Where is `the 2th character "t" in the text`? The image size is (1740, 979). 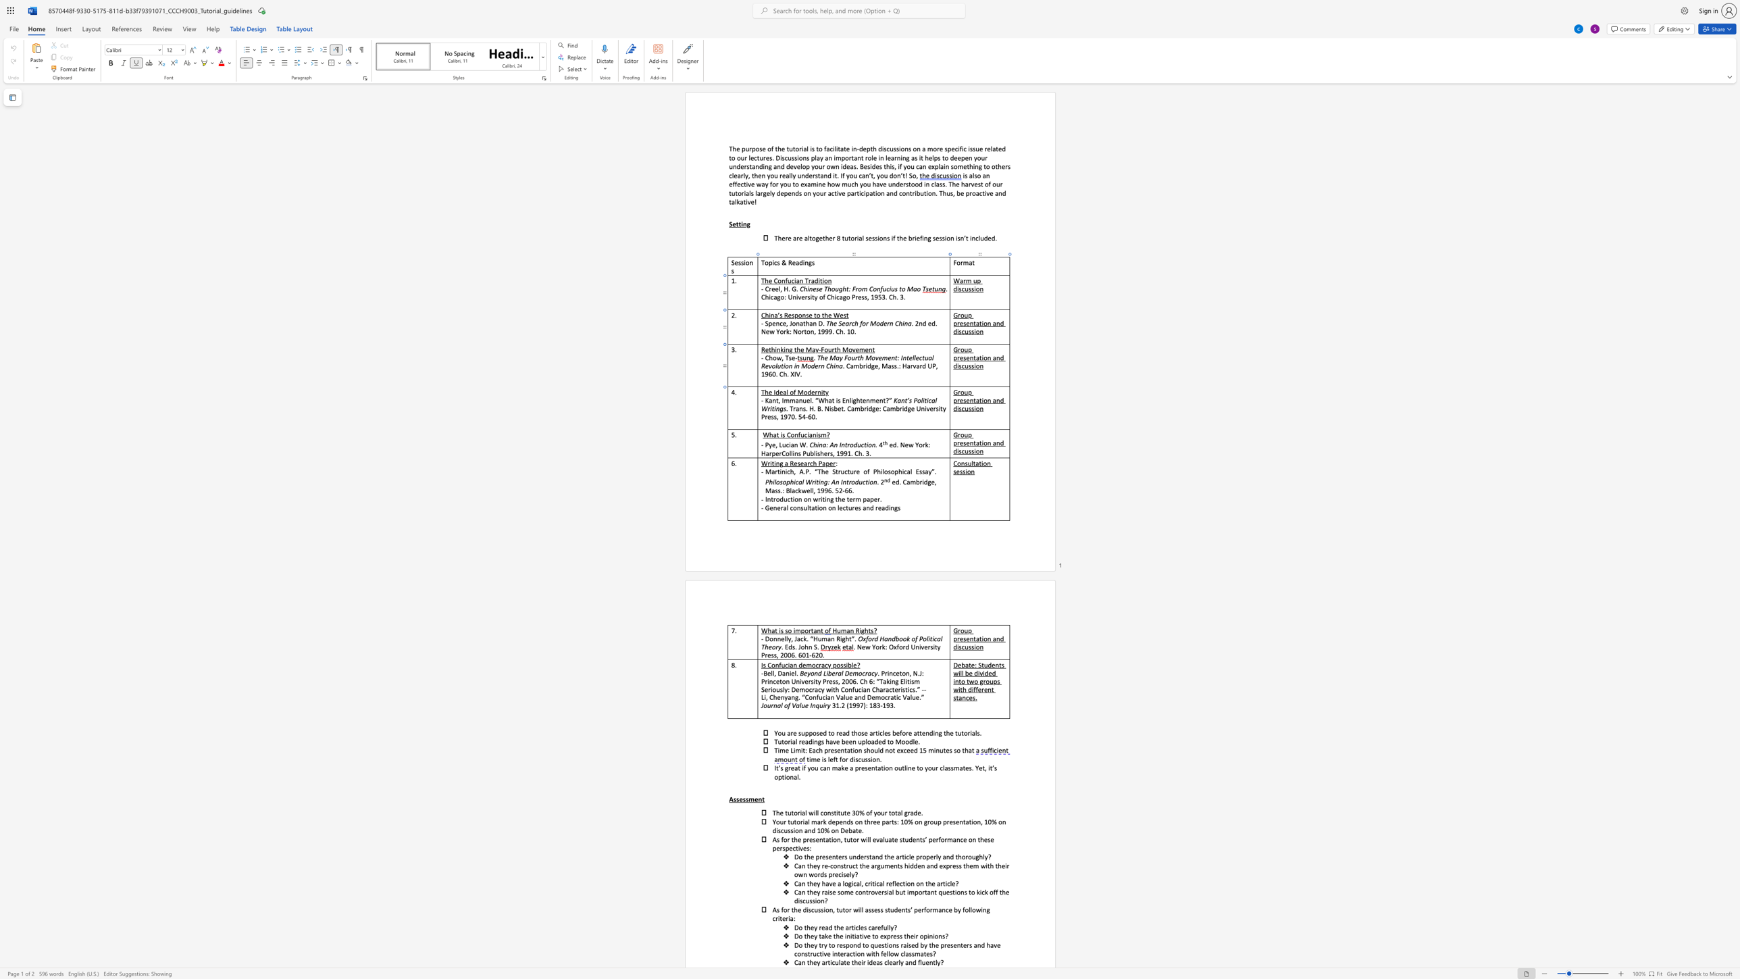
the 2th character "t" in the text is located at coordinates (925, 399).